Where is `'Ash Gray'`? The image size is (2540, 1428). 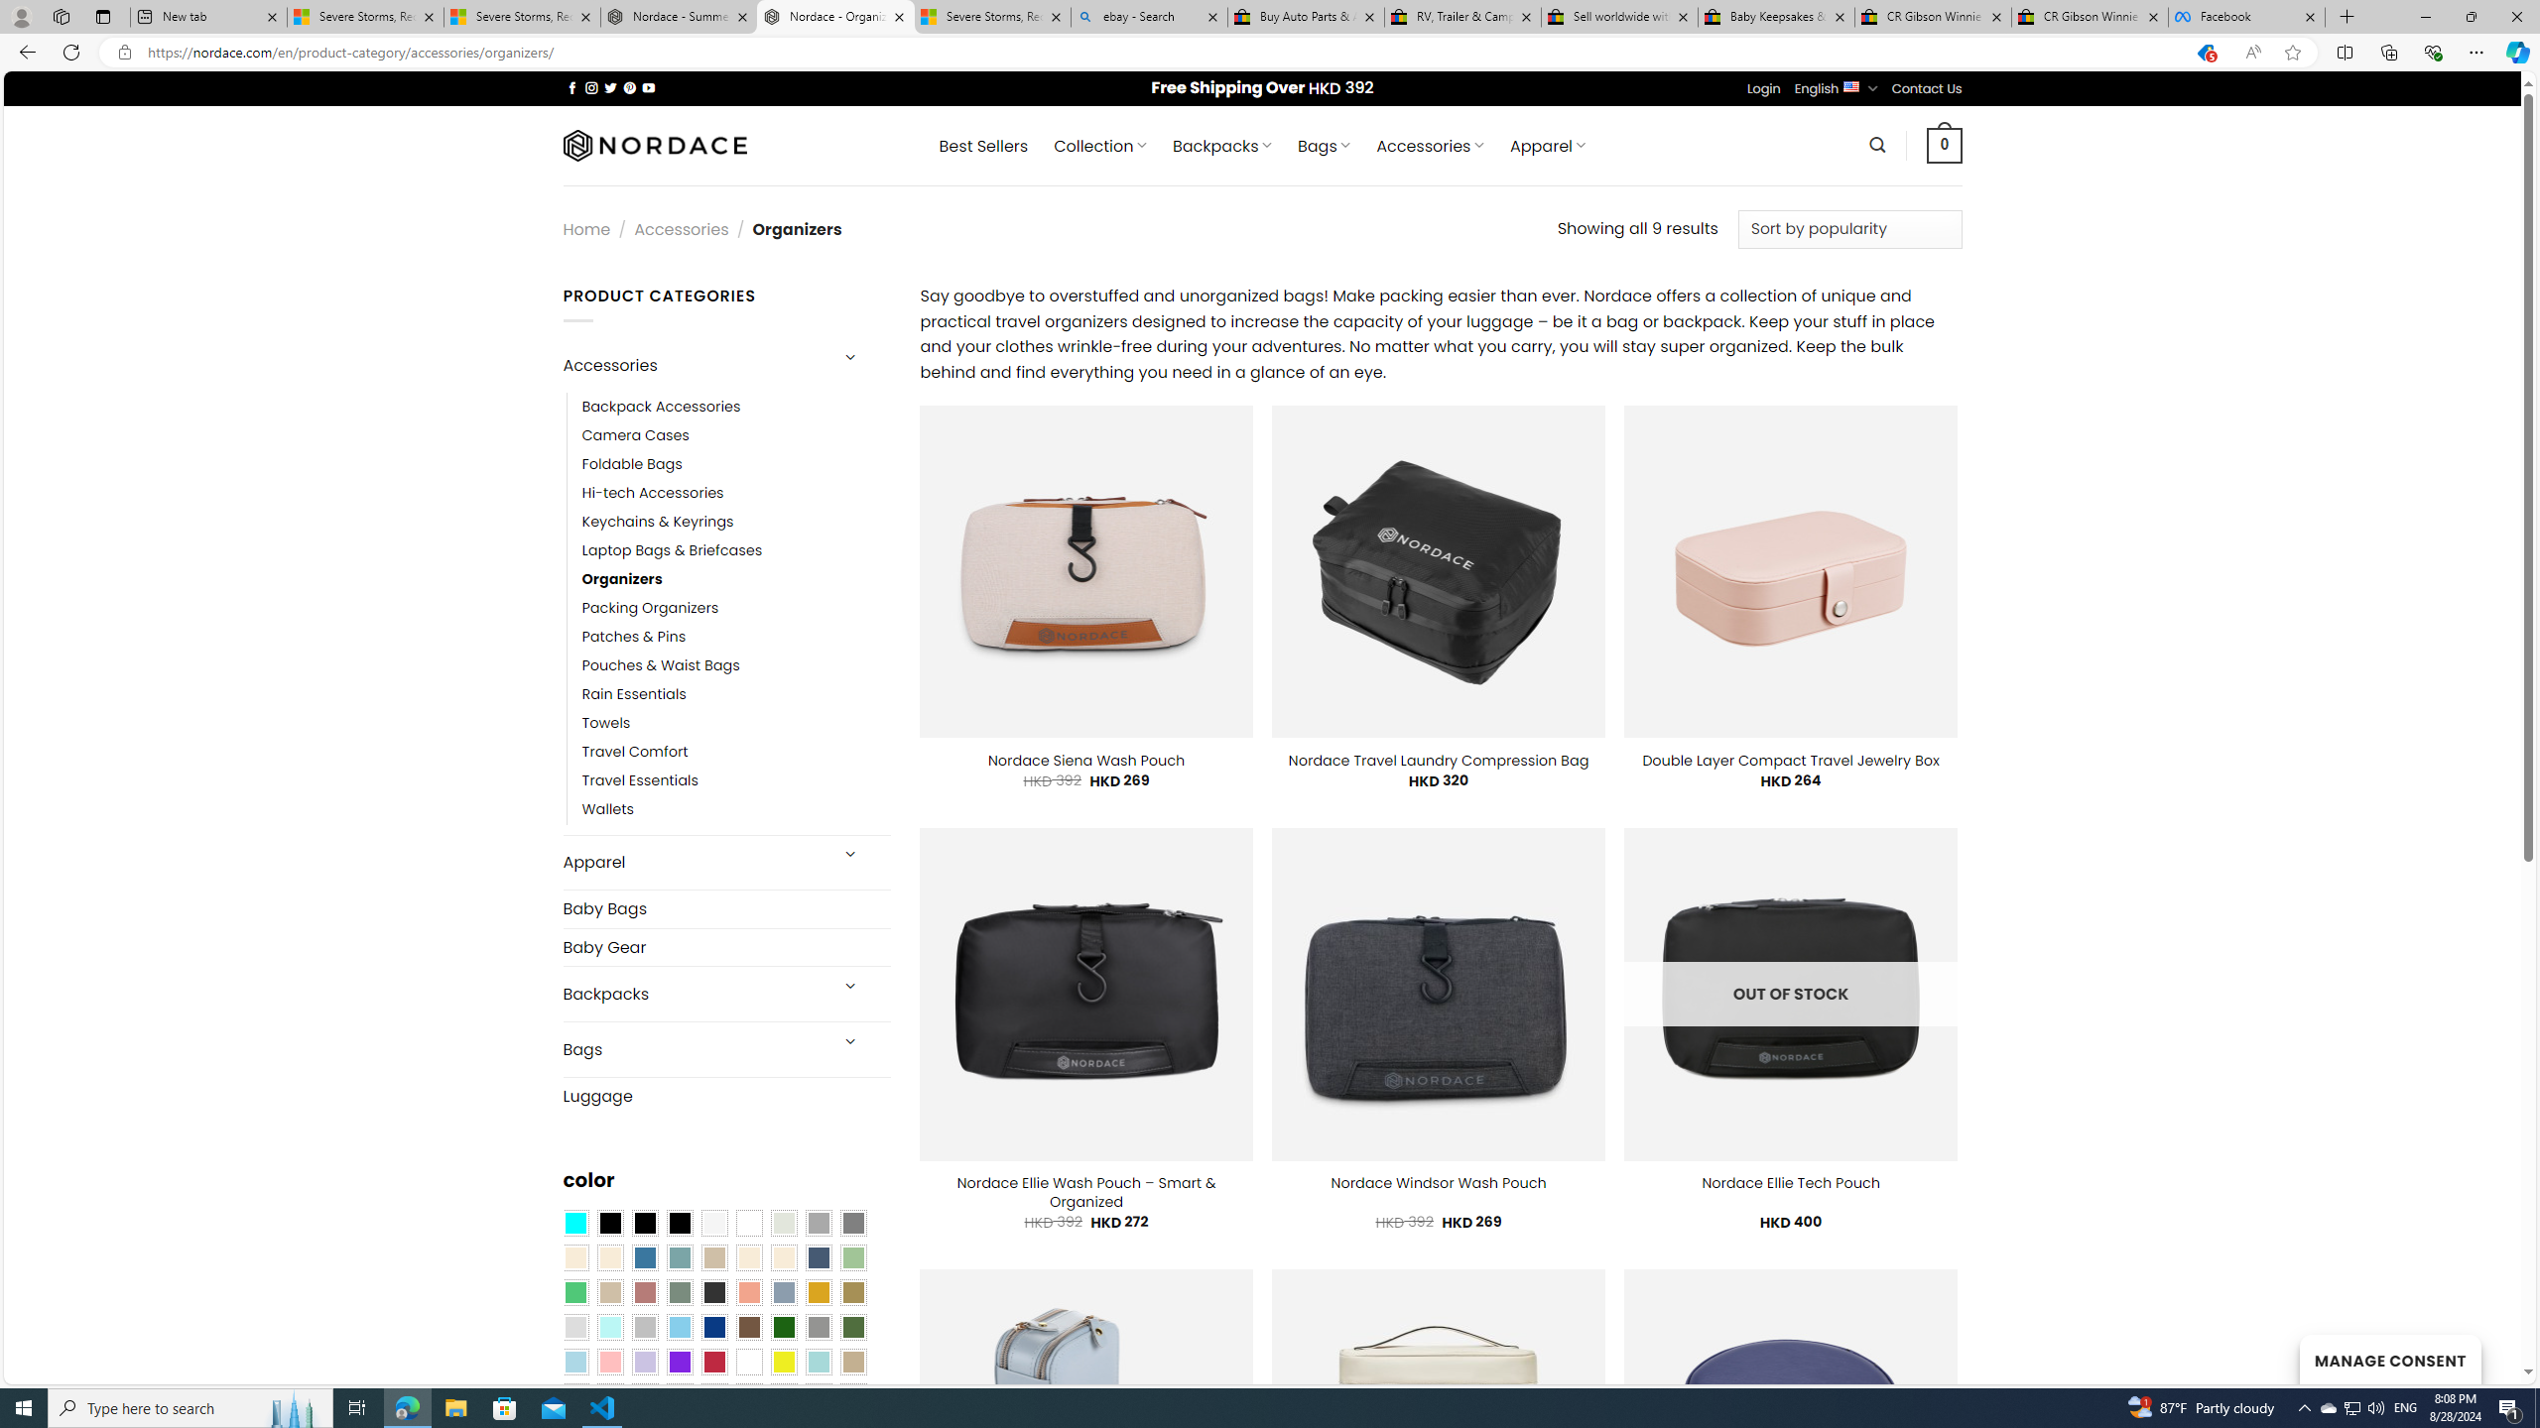 'Ash Gray' is located at coordinates (784, 1223).